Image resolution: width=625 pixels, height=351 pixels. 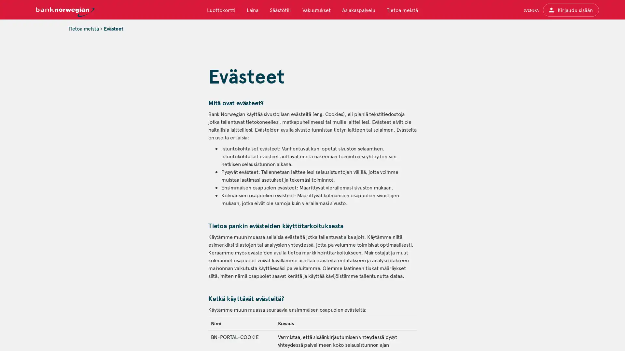 I want to click on Saastotili, so click(x=280, y=10).